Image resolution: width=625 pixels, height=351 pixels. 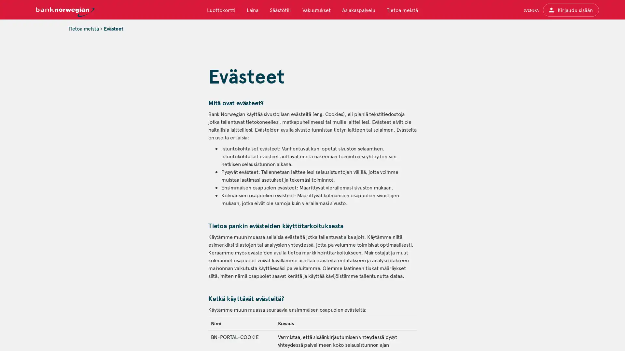 I want to click on Saastotili, so click(x=280, y=10).